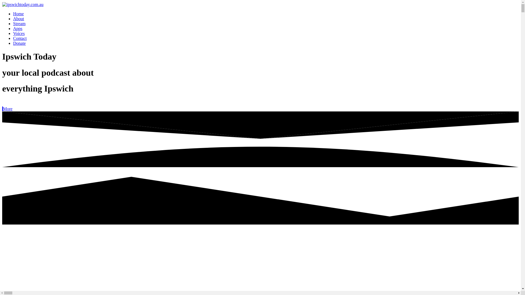  I want to click on 'Donate', so click(19, 43).